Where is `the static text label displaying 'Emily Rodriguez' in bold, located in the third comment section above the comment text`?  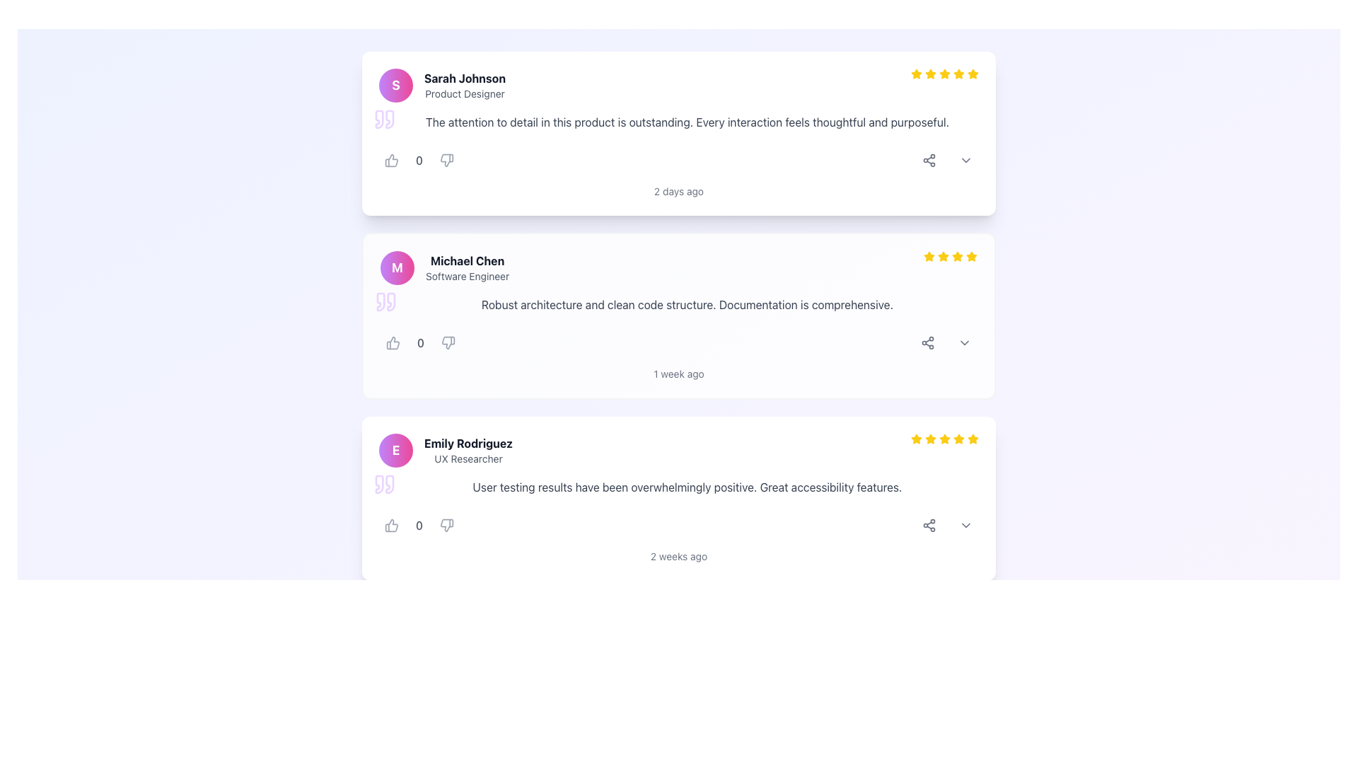 the static text label displaying 'Emily Rodriguez' in bold, located in the third comment section above the comment text is located at coordinates (468, 450).